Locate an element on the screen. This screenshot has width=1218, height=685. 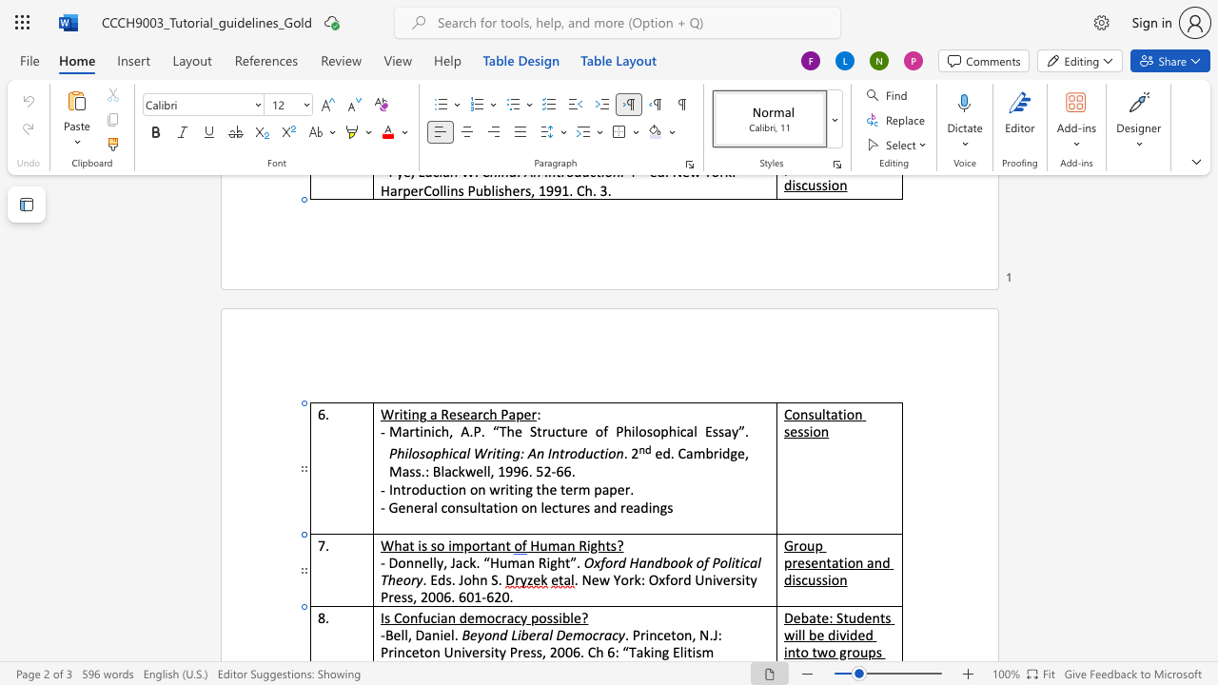
the space between the continuous character "n" and "i" in the text is located at coordinates (438, 635).